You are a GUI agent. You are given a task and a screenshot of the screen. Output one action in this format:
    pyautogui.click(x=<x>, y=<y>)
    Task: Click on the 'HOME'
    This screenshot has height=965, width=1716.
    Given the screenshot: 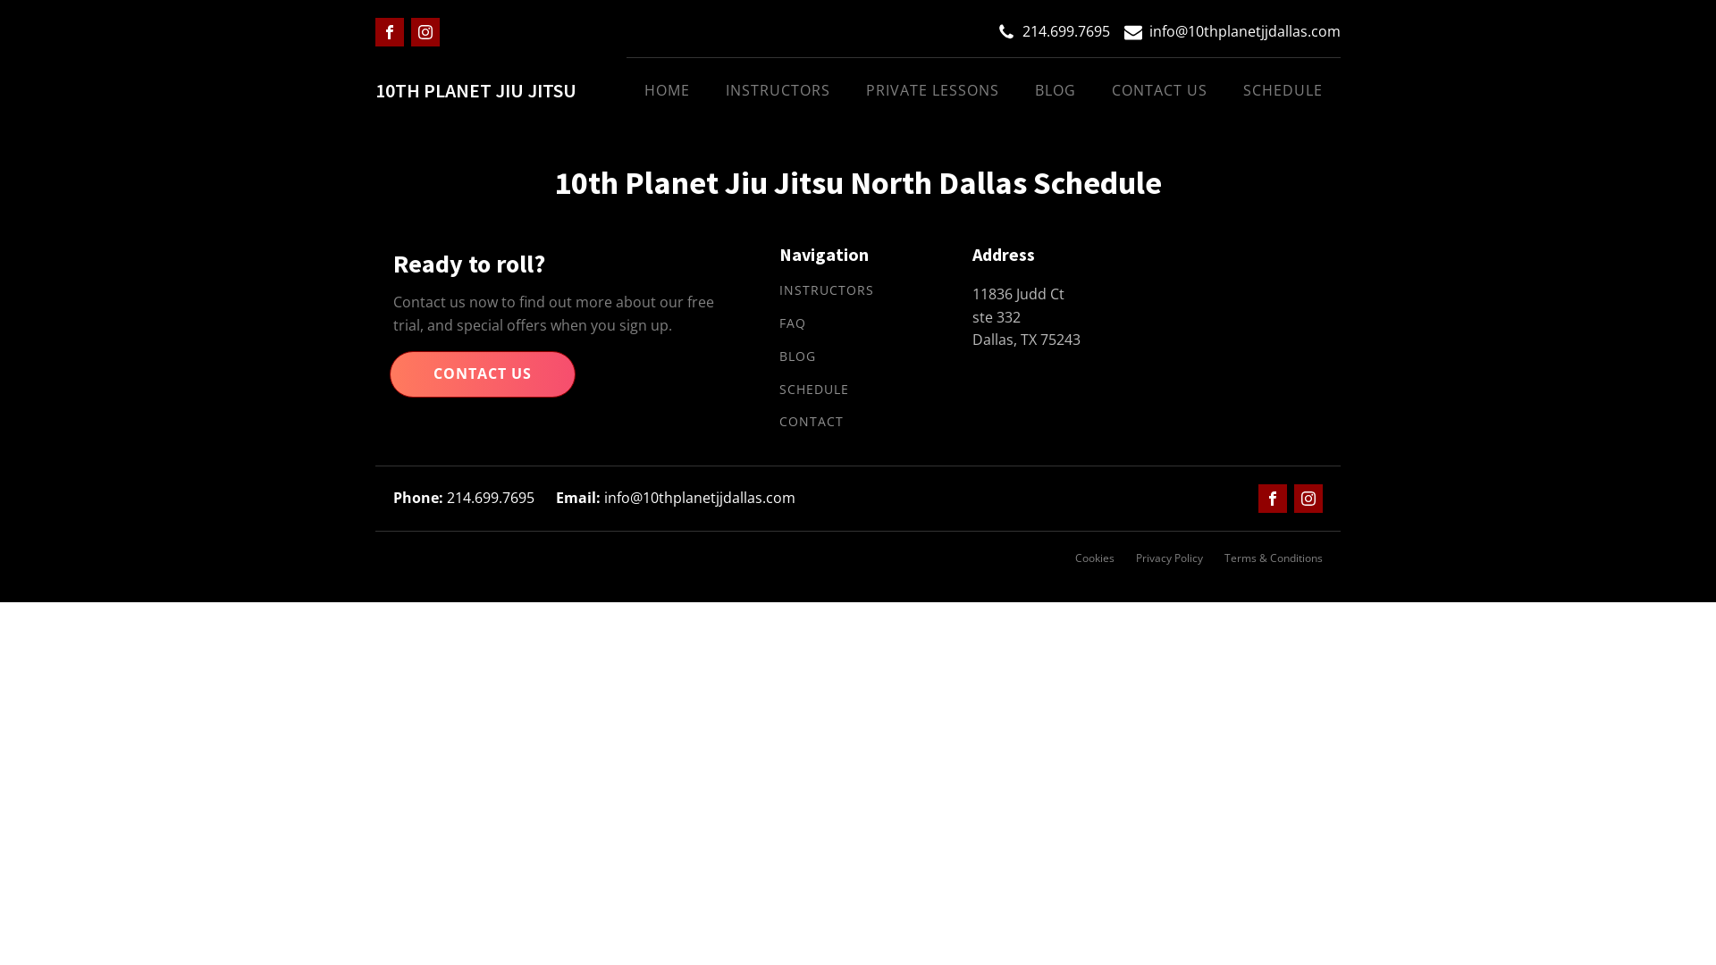 What is the action you would take?
    pyautogui.click(x=626, y=90)
    